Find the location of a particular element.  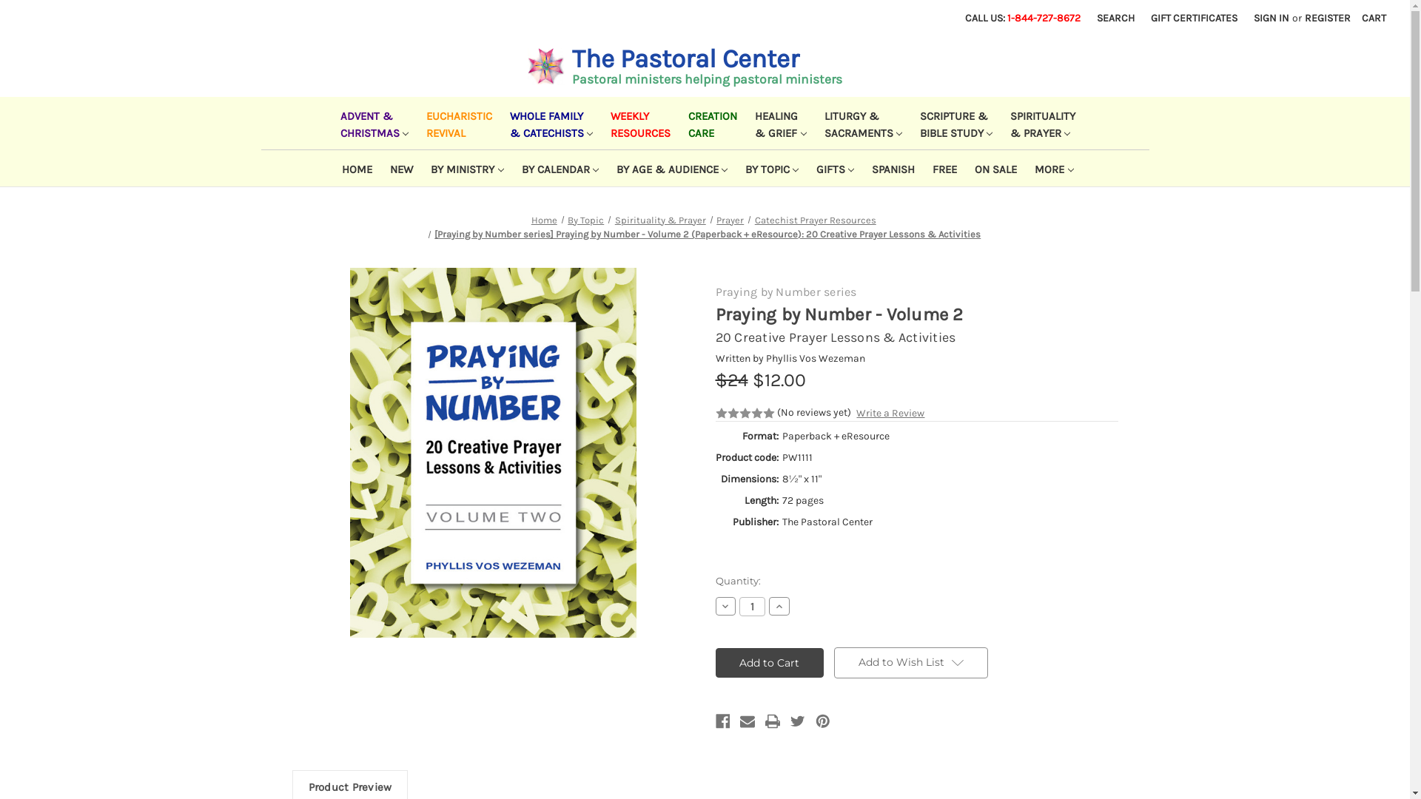

'Email' is located at coordinates (747, 721).